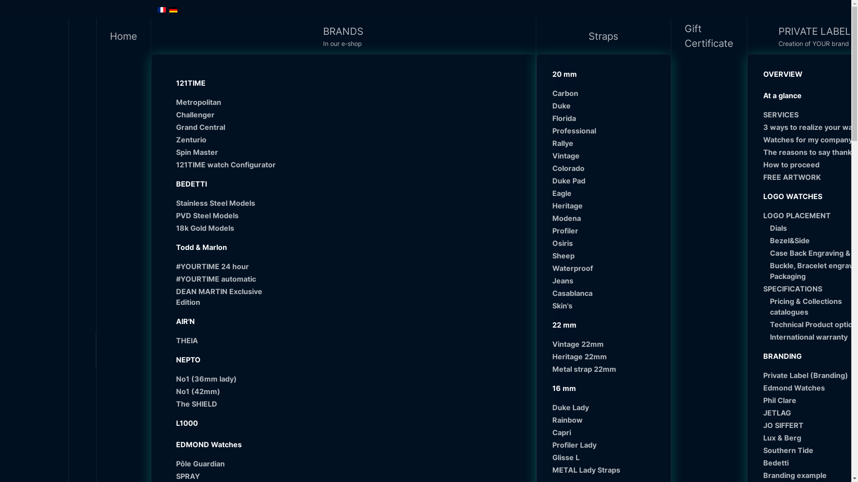 This screenshot has height=482, width=858. What do you see at coordinates (607, 155) in the screenshot?
I see `'Vintage'` at bounding box center [607, 155].